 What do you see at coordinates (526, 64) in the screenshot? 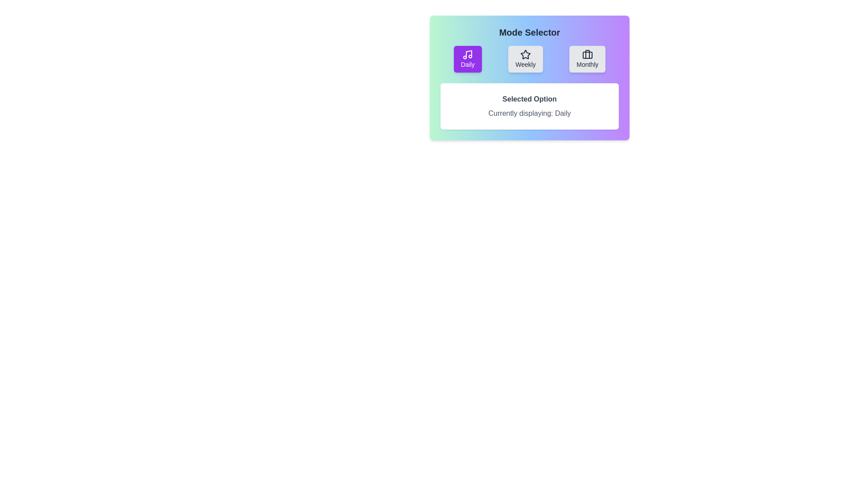
I see `the 'Weekly' text label, which is styled with a medium font size in dark gray and positioned directly below the star icon within the second button of a row of three buttons` at bounding box center [526, 64].